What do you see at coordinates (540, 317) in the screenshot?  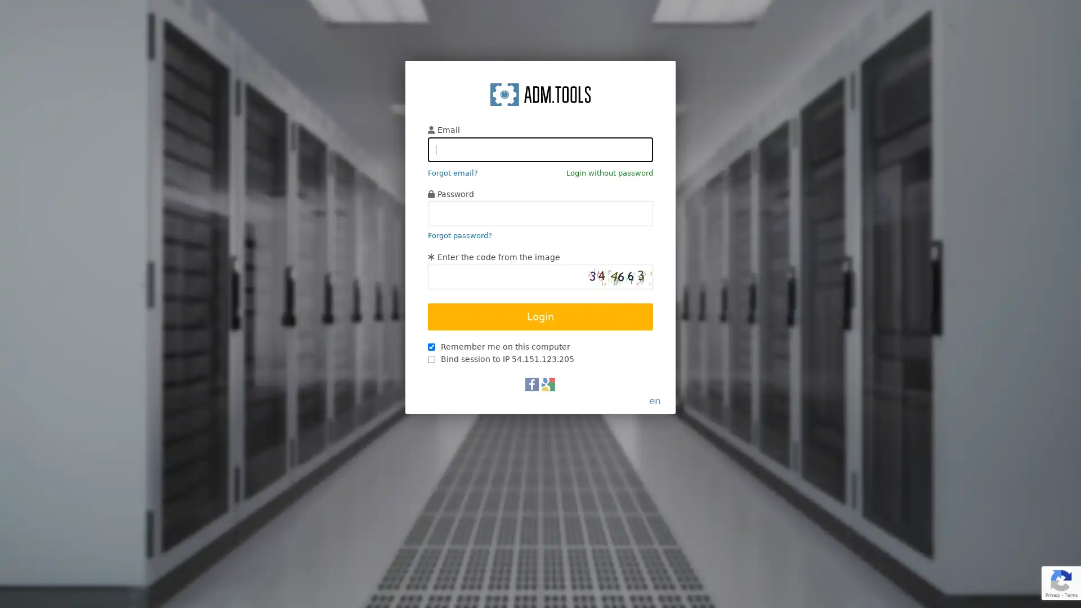 I see `Login` at bounding box center [540, 317].